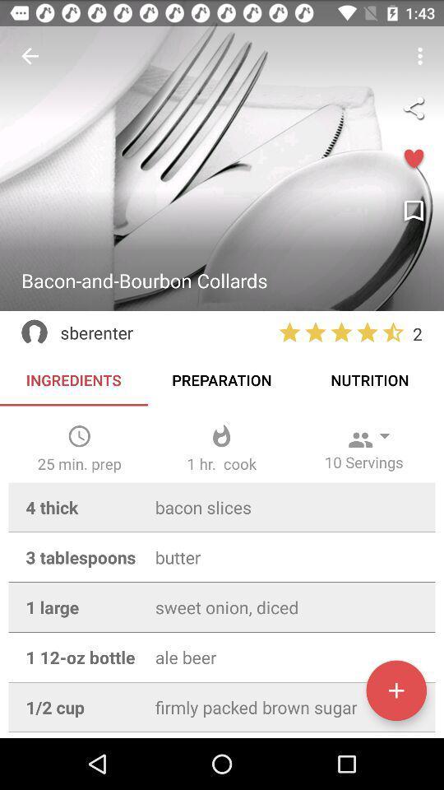  Describe the element at coordinates (413, 211) in the screenshot. I see `image save` at that location.